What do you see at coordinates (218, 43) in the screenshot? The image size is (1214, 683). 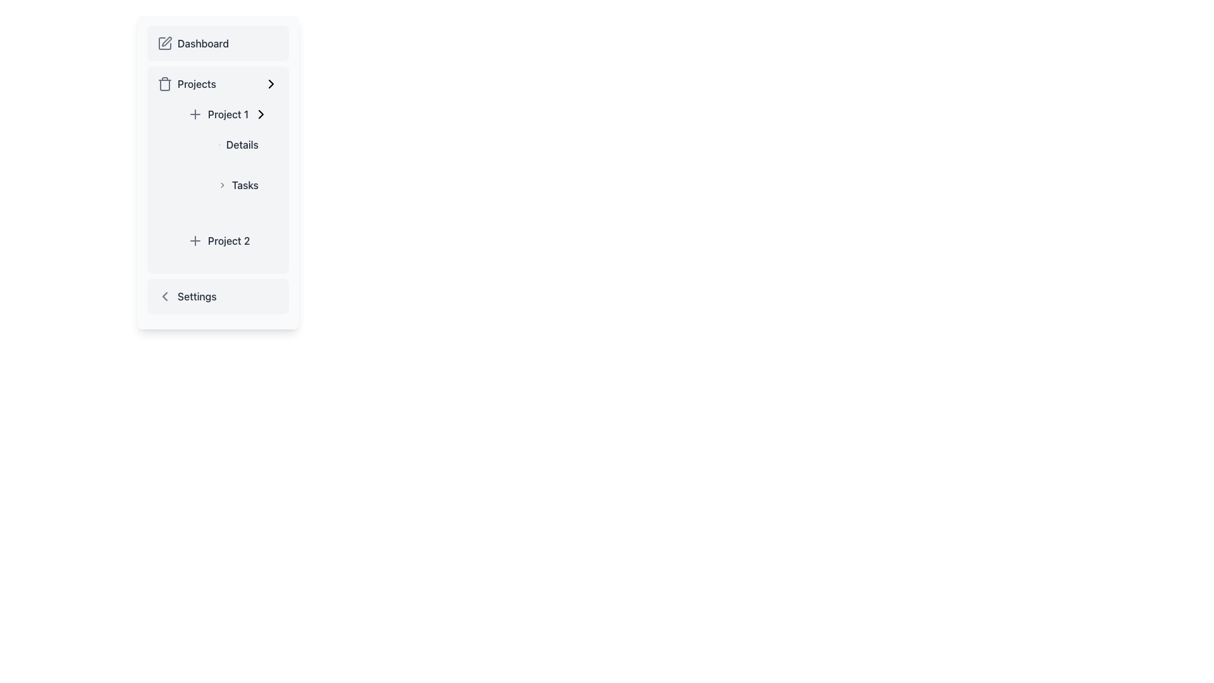 I see `the 'Dashboard' menu item located at the top of the navigation menu panel` at bounding box center [218, 43].